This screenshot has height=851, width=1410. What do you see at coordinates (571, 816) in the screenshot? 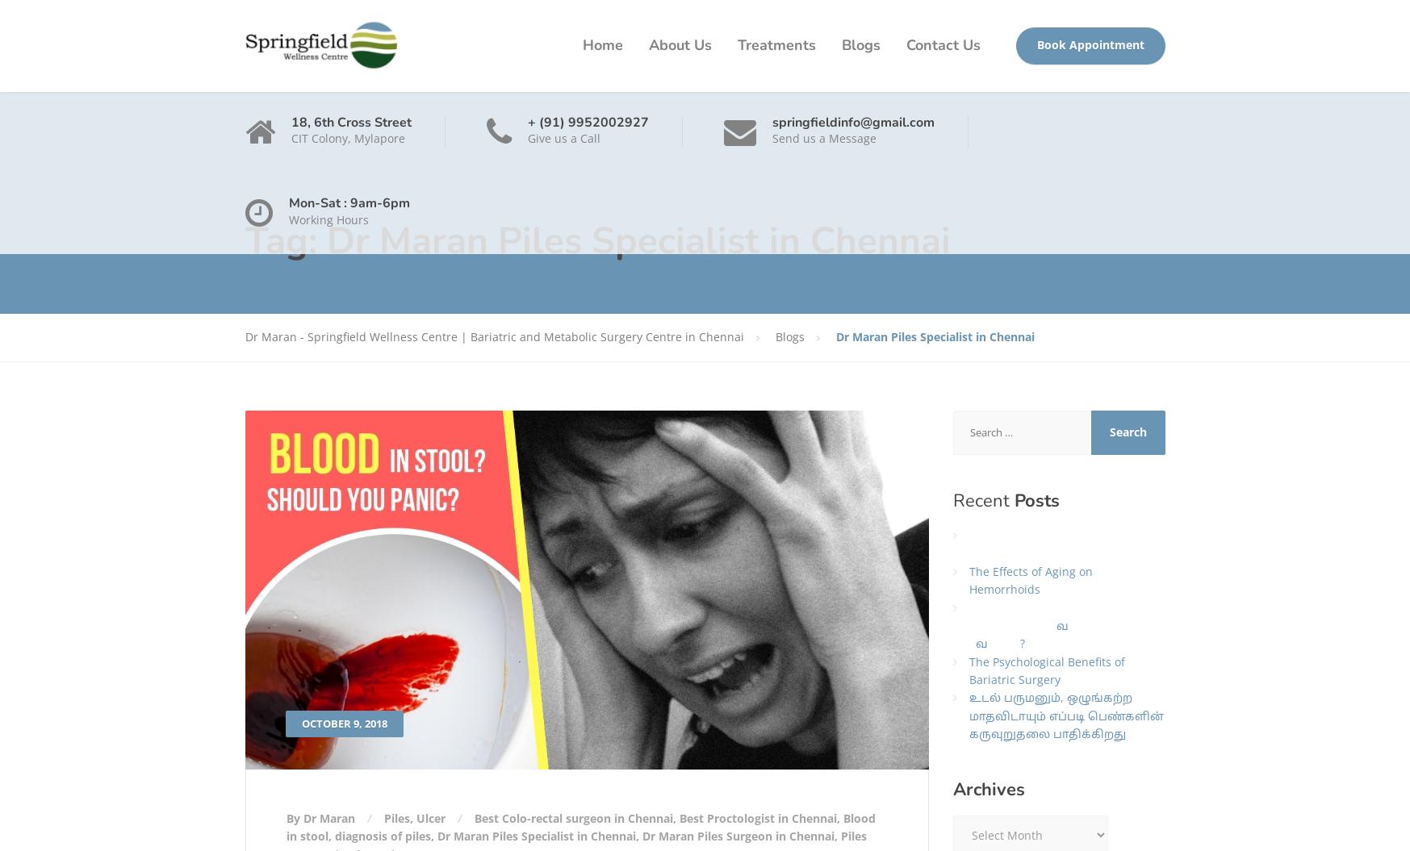
I see `'Best Colo-rectal surgeon in Chennai'` at bounding box center [571, 816].